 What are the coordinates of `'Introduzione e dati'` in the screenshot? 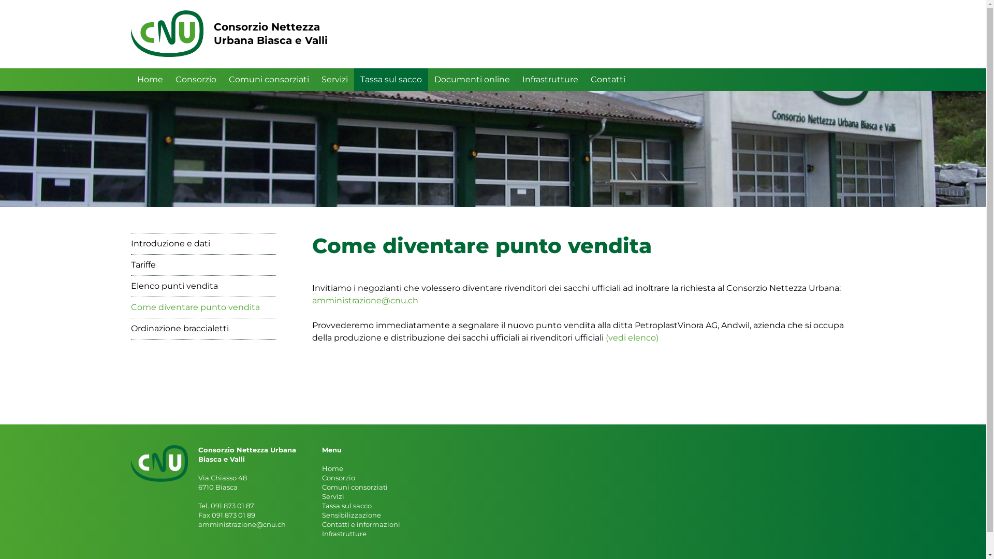 It's located at (203, 243).